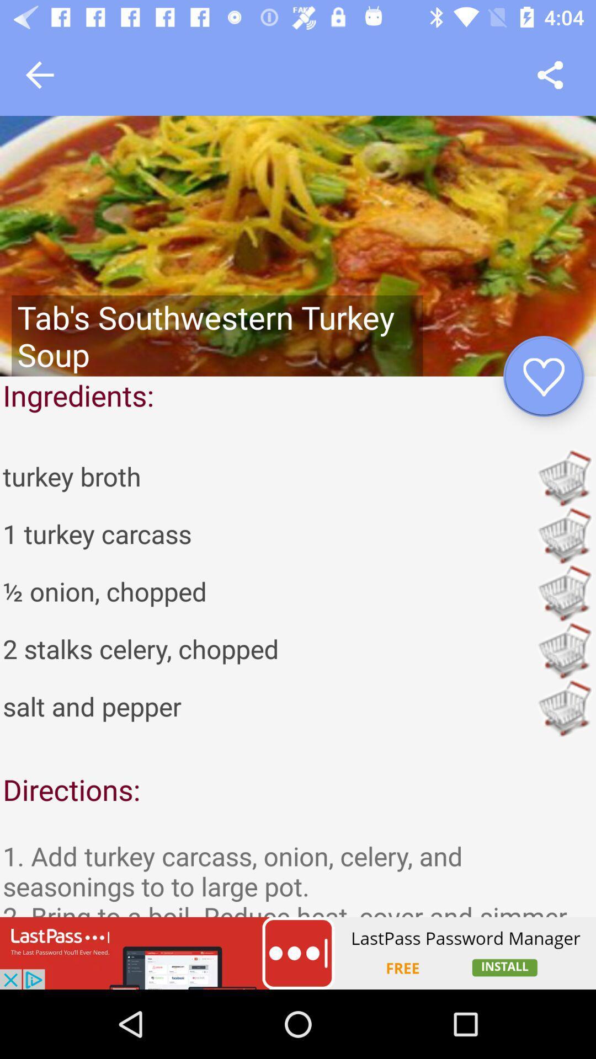  What do you see at coordinates (550, 74) in the screenshot?
I see `share link` at bounding box center [550, 74].